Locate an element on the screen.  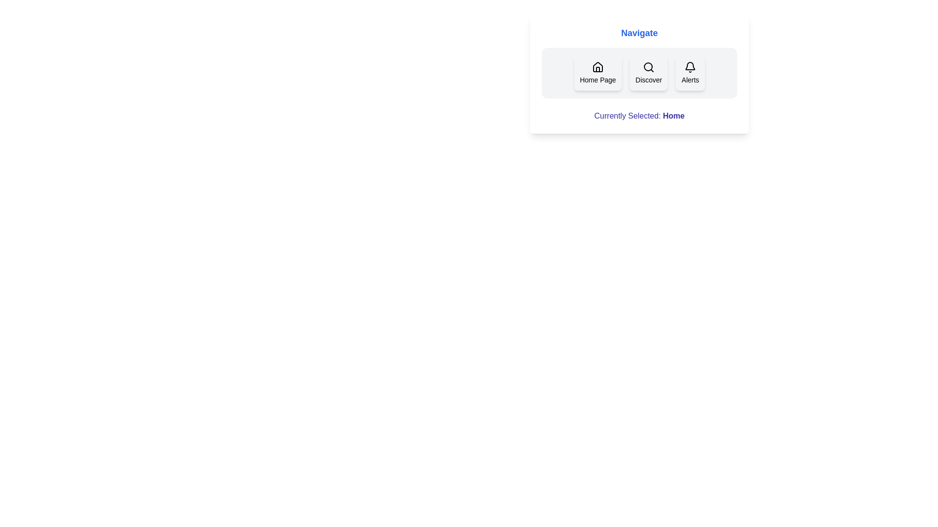
the first navigation button that leads to the Home Page, positioned left of the 'Discover' and 'Alerts' buttons is located at coordinates (597, 73).